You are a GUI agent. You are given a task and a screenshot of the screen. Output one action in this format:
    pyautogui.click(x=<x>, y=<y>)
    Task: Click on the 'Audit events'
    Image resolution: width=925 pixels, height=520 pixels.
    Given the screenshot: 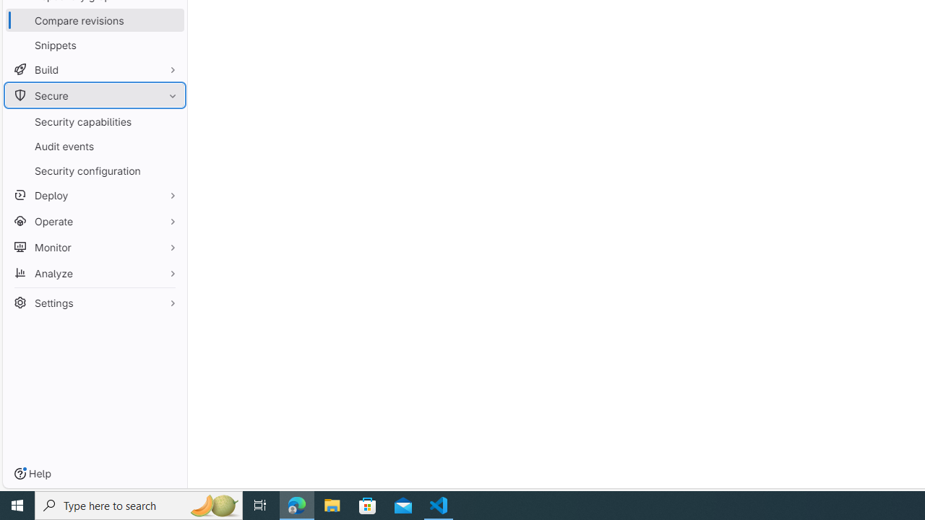 What is the action you would take?
    pyautogui.click(x=94, y=146)
    